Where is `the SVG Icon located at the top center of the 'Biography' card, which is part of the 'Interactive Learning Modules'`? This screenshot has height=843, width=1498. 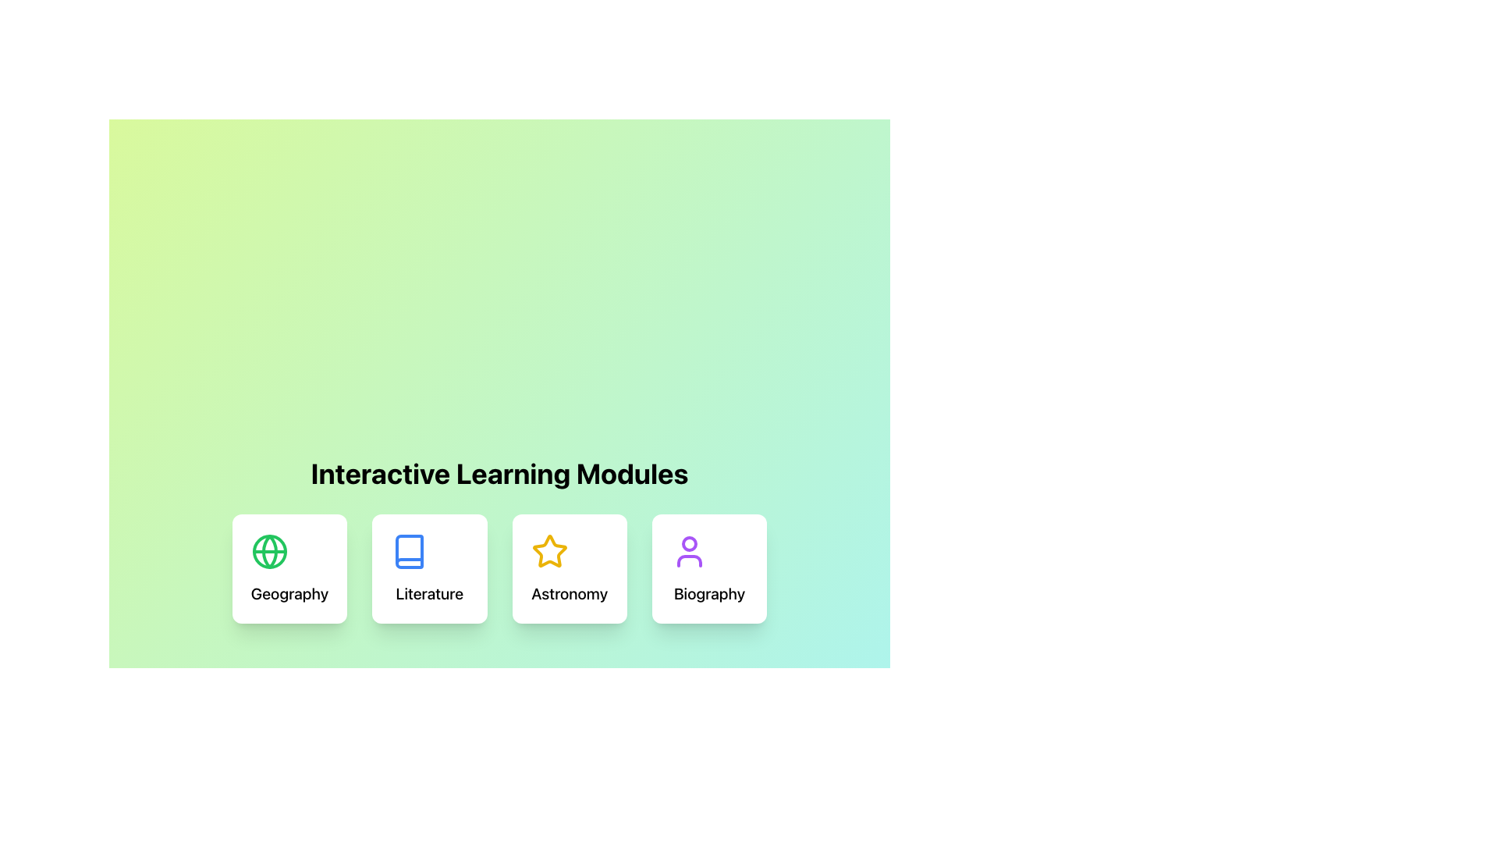
the SVG Icon located at the top center of the 'Biography' card, which is part of the 'Interactive Learning Modules' is located at coordinates (688, 550).